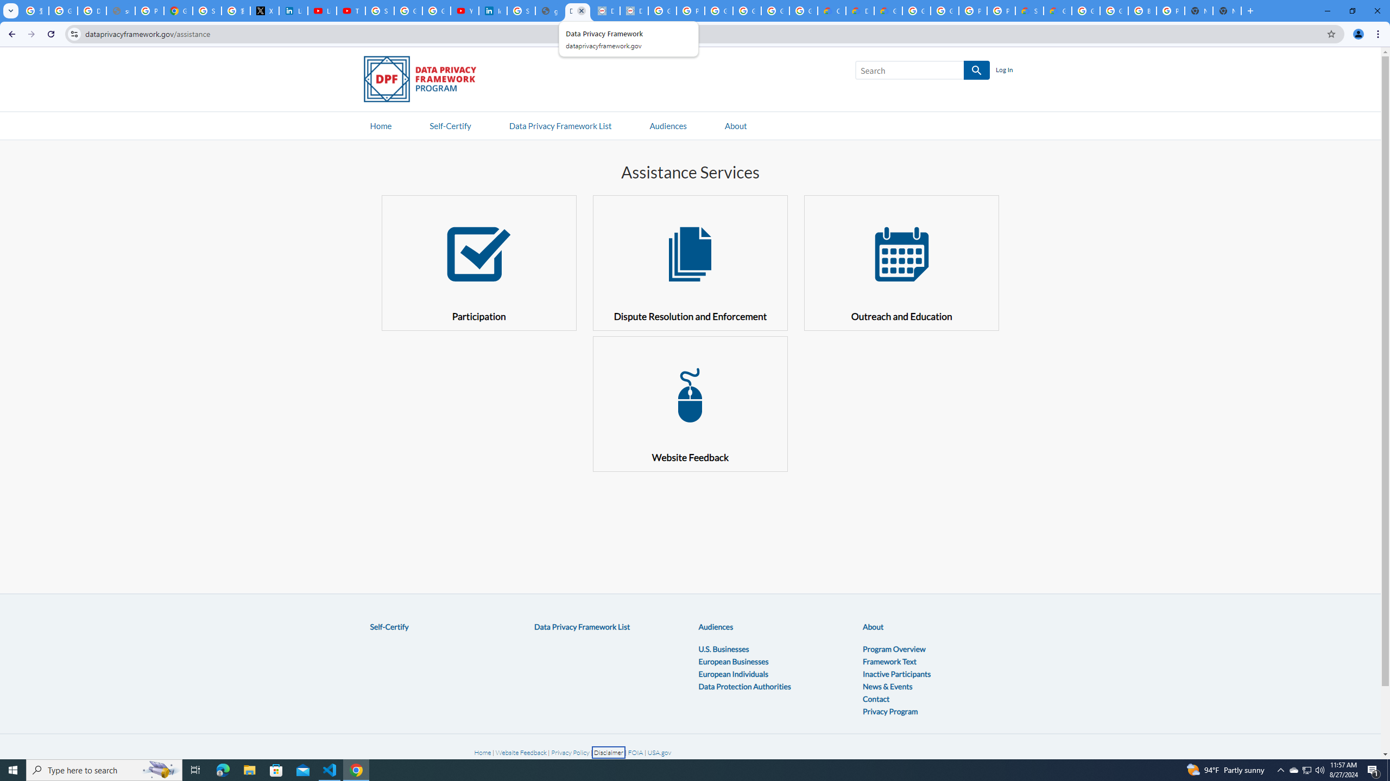 Image resolution: width=1390 pixels, height=781 pixels. What do you see at coordinates (976, 71) in the screenshot?
I see `'SEARCH'` at bounding box center [976, 71].